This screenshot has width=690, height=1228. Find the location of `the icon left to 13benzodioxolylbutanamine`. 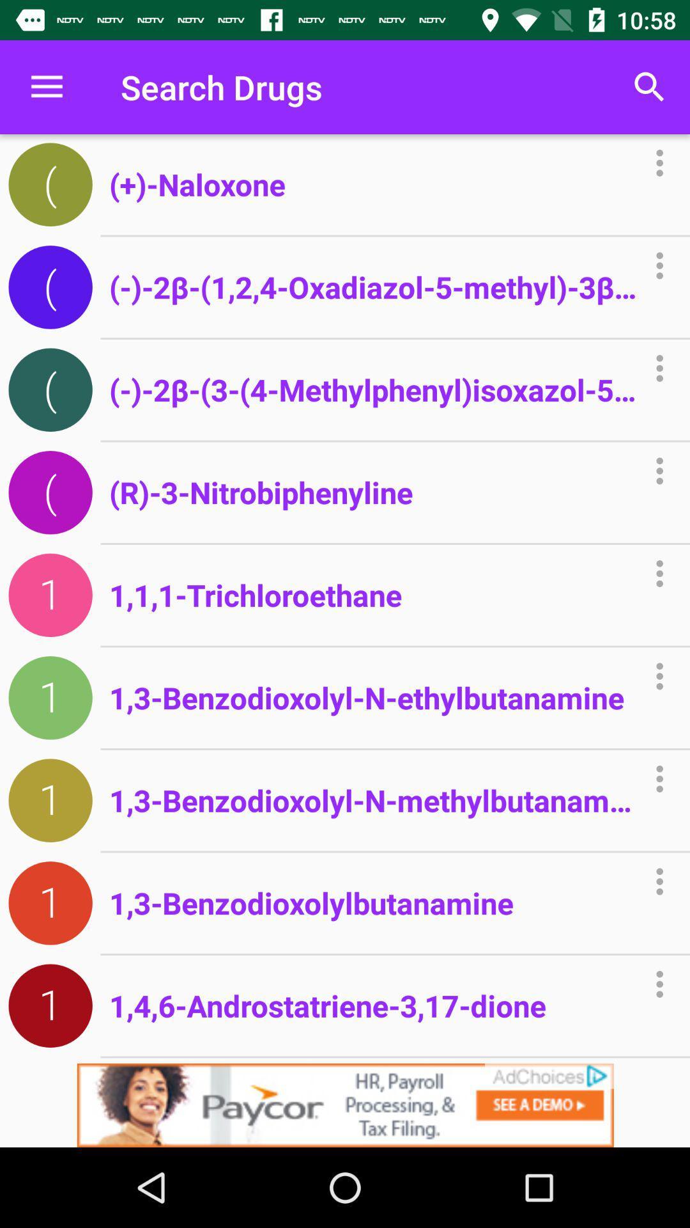

the icon left to 13benzodioxolylbutanamine is located at coordinates (50, 902).